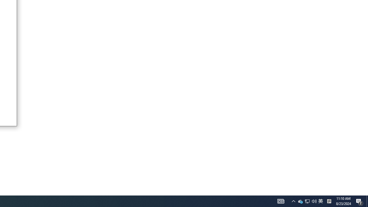  What do you see at coordinates (307, 201) in the screenshot?
I see `'Q2790: 100%'` at bounding box center [307, 201].